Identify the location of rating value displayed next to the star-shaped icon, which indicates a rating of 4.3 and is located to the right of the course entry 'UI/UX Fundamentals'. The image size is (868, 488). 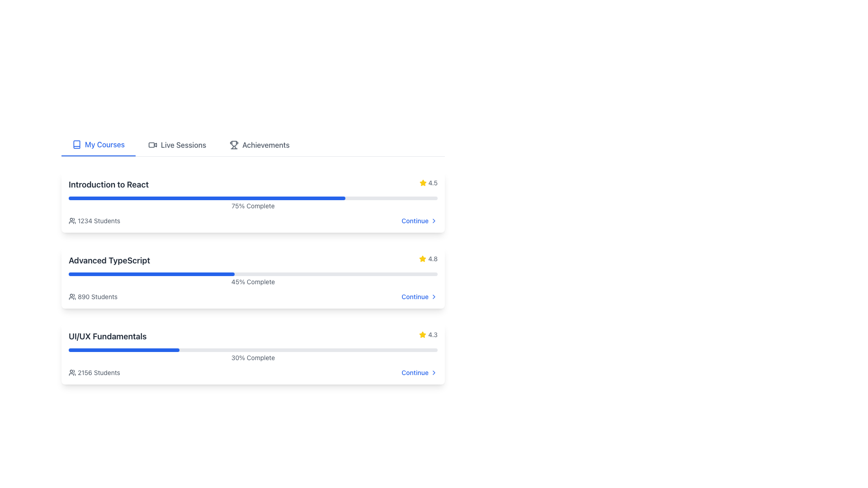
(422, 334).